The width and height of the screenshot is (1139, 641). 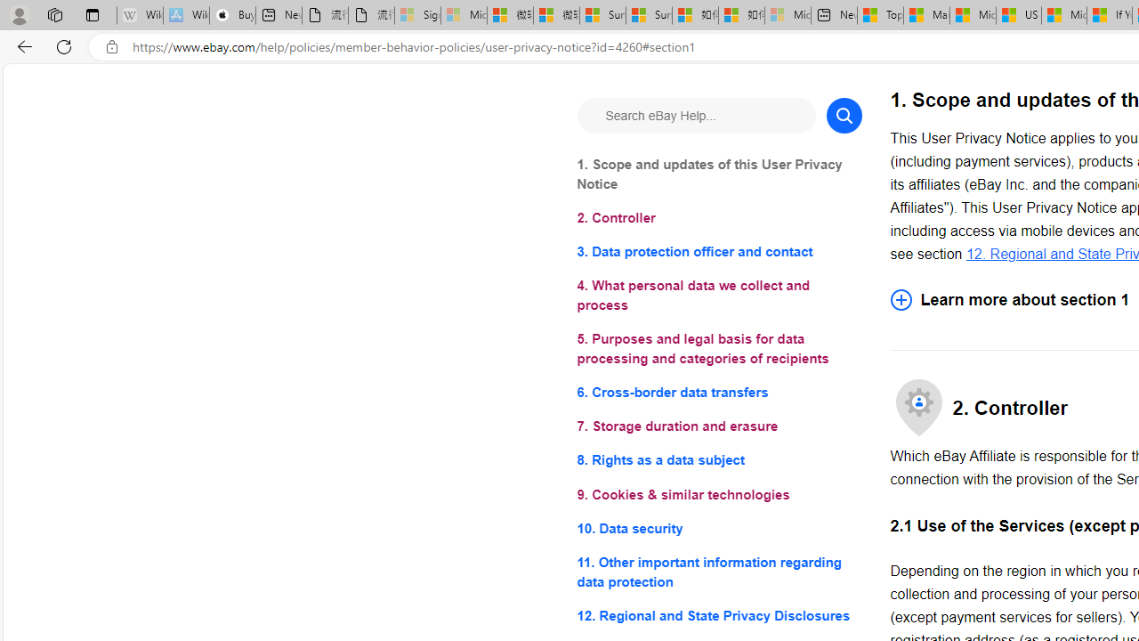 I want to click on '12. Regional and State Privacy Disclosures', so click(x=719, y=614).